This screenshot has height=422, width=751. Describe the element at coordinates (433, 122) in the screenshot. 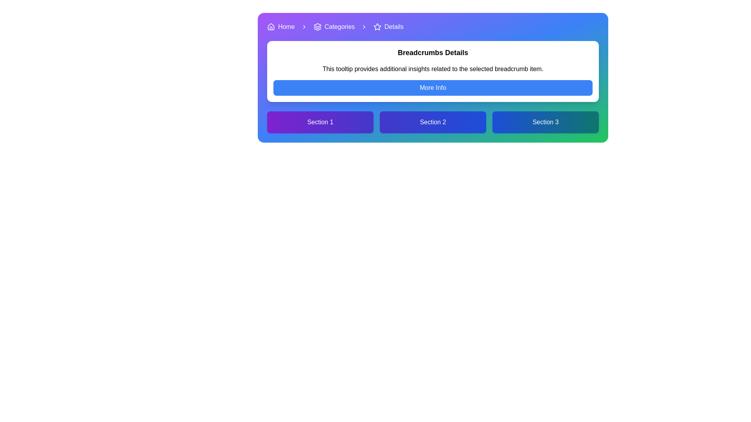

I see `the 'Section 2' button` at that location.